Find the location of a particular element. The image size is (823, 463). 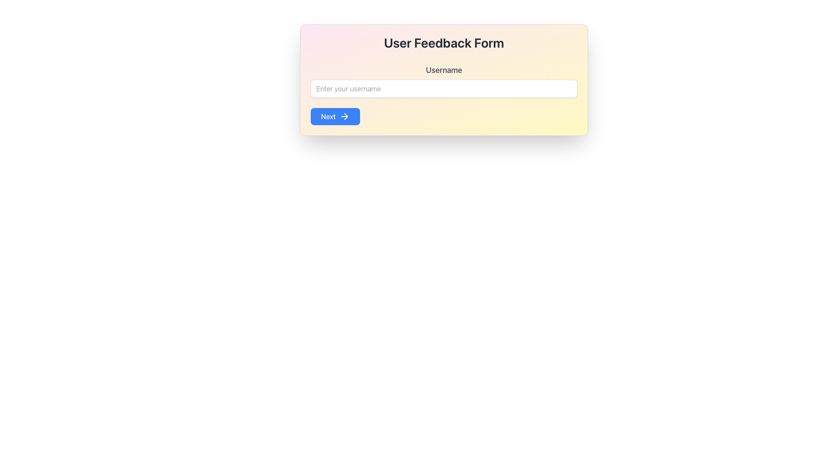

the arrow-shaped icon that is part of the 'Next' button located on the right-hand side of the button is located at coordinates (344, 117).